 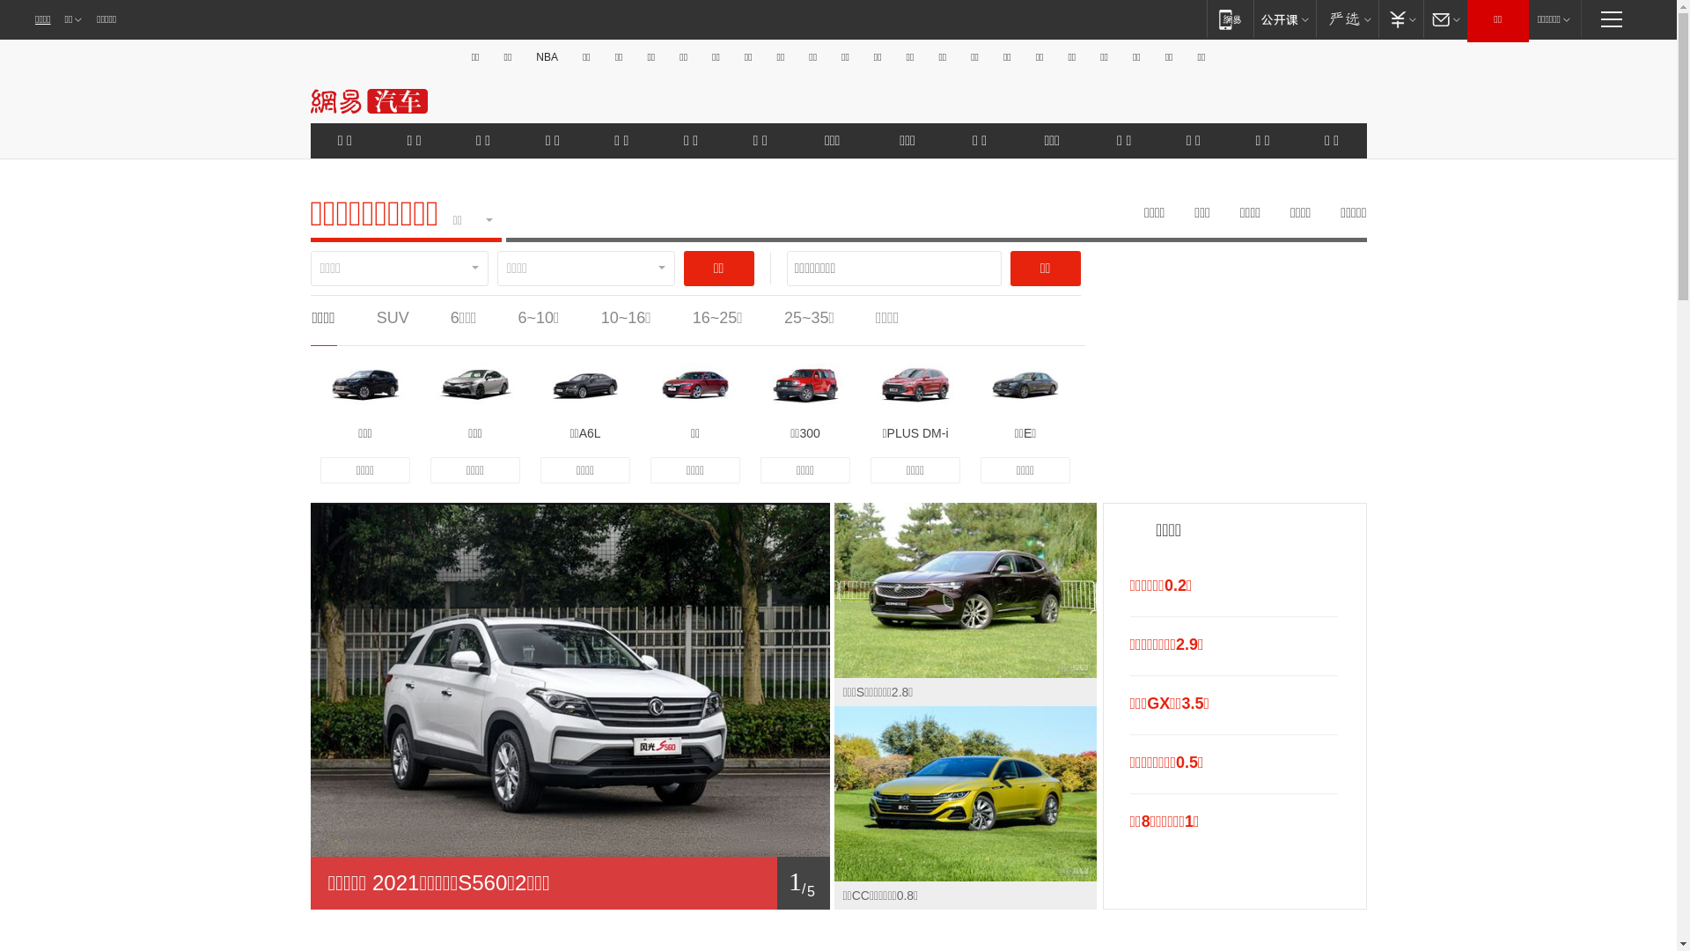 I want to click on 'NBA', so click(x=546, y=56).